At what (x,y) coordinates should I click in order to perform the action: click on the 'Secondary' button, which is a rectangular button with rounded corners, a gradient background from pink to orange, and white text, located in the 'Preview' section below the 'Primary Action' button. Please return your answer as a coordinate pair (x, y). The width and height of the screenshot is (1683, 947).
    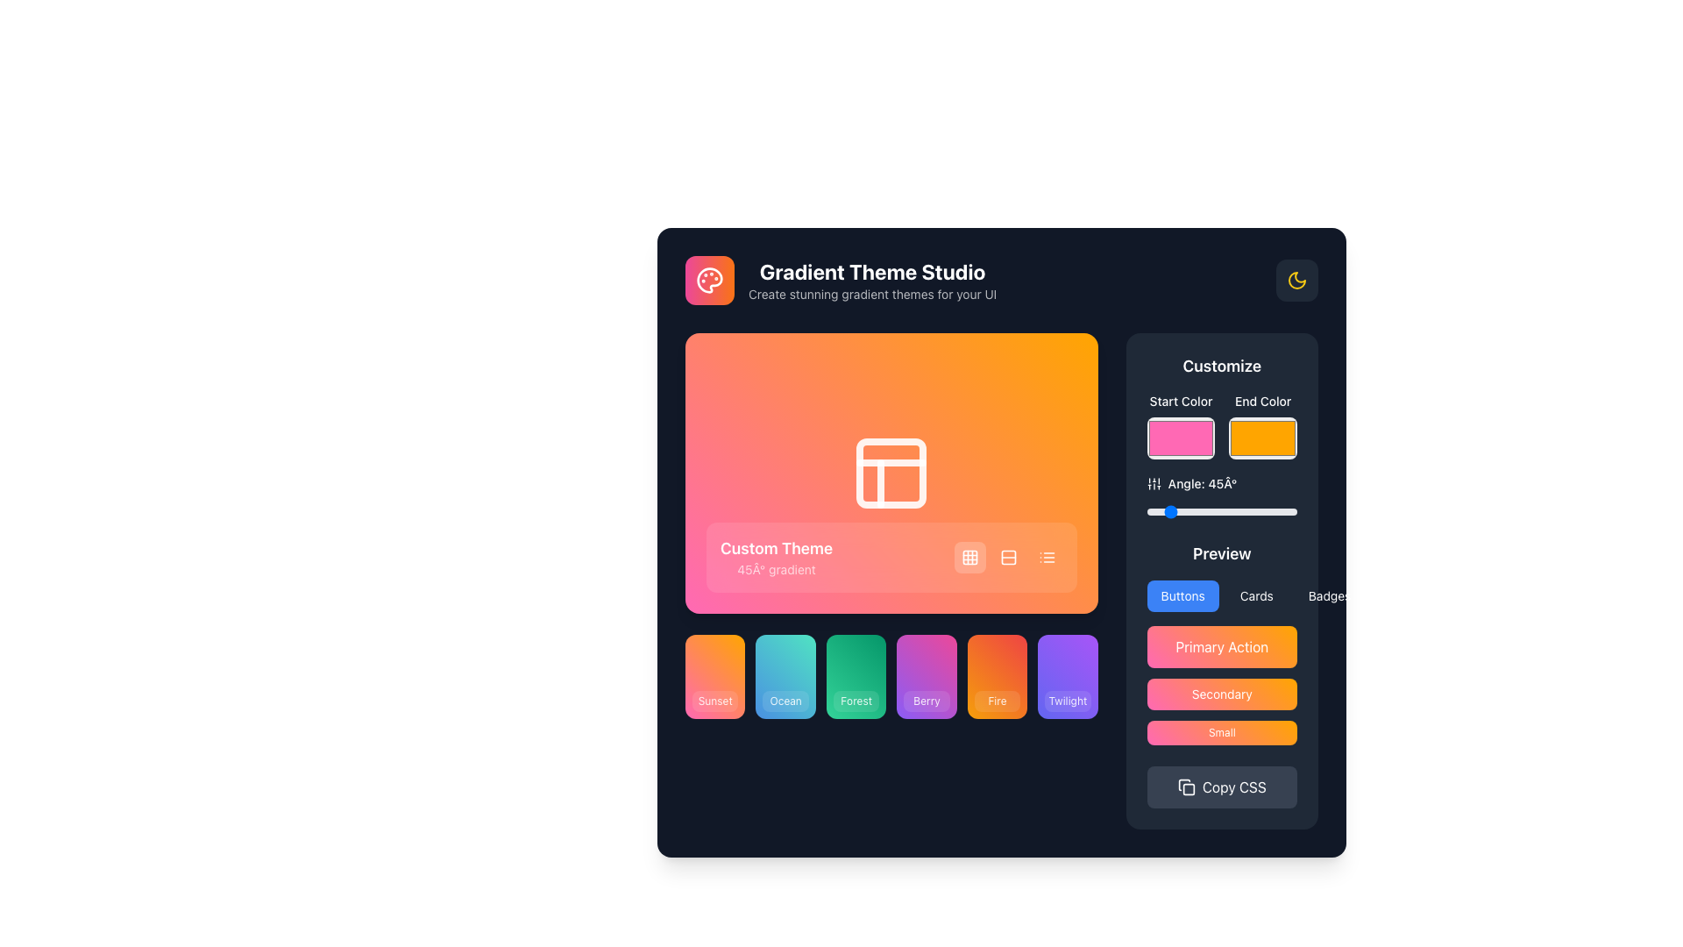
    Looking at the image, I should click on (1220, 693).